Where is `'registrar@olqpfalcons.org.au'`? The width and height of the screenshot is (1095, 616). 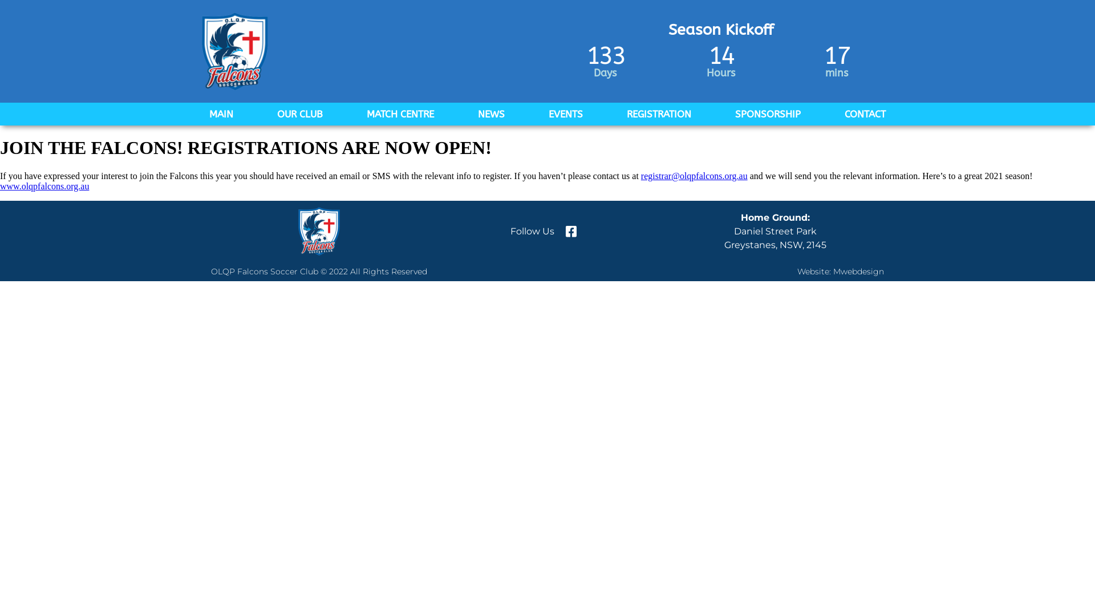 'registrar@olqpfalcons.org.au' is located at coordinates (640, 176).